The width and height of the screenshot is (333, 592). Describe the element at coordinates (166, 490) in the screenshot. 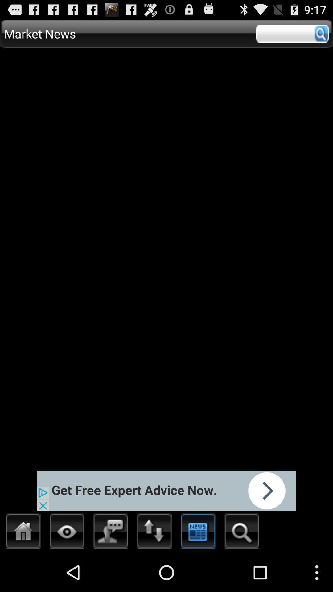

I see `open advertisement` at that location.